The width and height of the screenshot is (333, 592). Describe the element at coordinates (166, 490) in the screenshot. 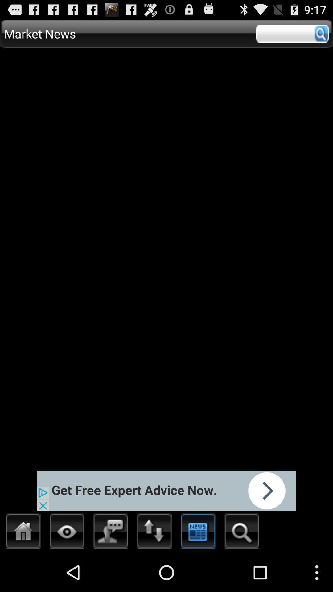

I see `open advertisement` at that location.